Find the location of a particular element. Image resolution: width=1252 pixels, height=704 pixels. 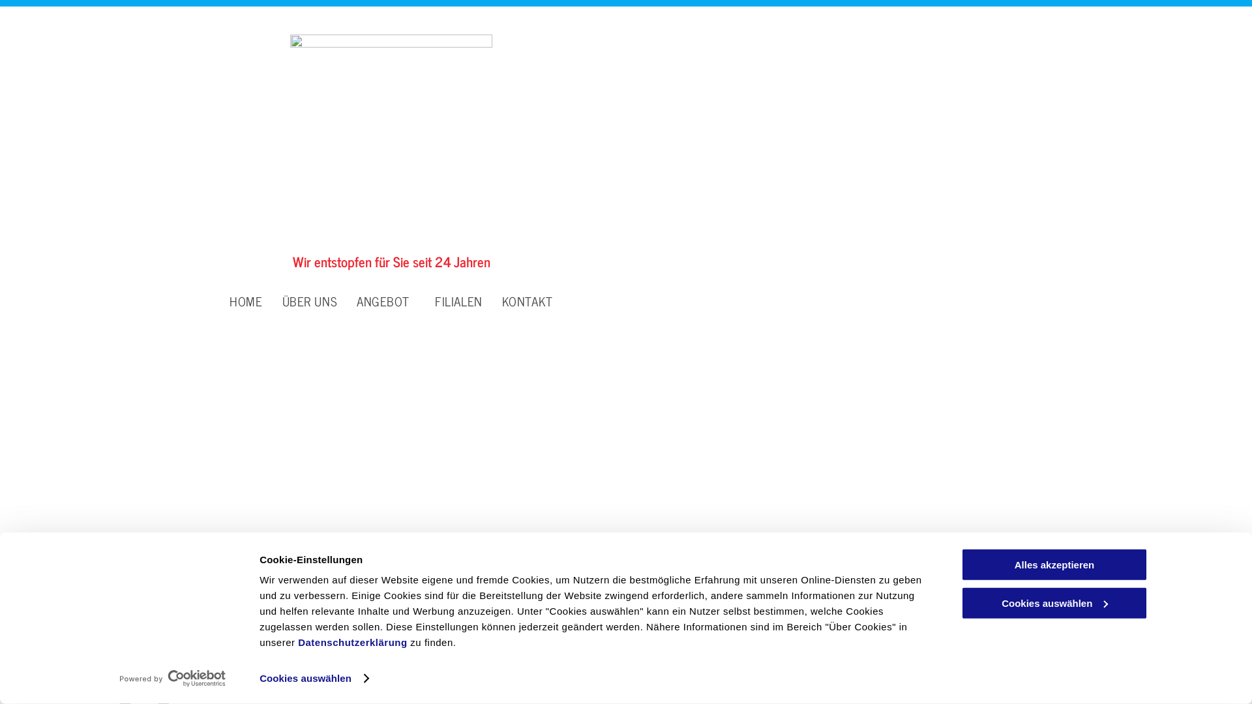

'ANGEBOT' is located at coordinates (385, 301).